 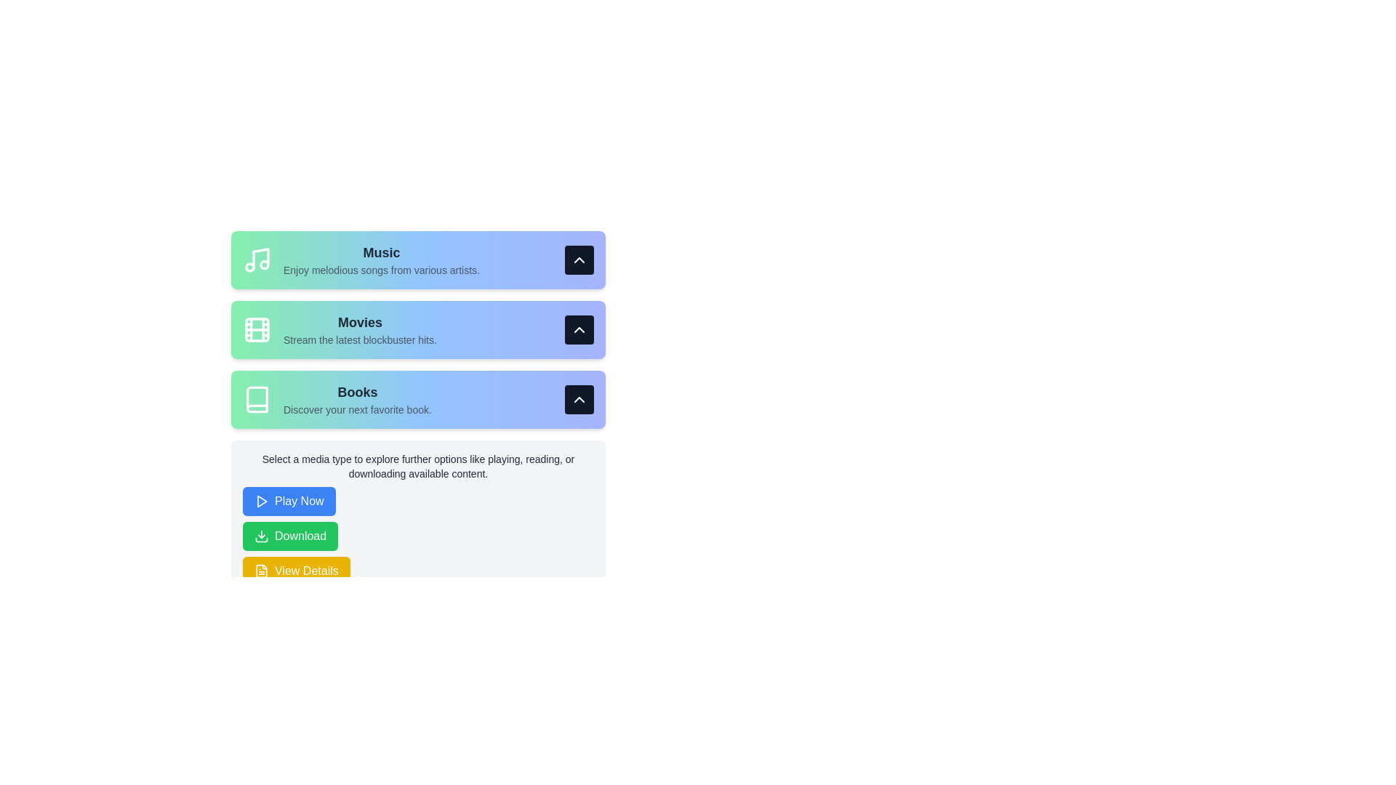 What do you see at coordinates (250, 267) in the screenshot?
I see `second Circle graphic element within the SVG group of the music icon located in the top card of three stacked cards by using the browser developer tools` at bounding box center [250, 267].